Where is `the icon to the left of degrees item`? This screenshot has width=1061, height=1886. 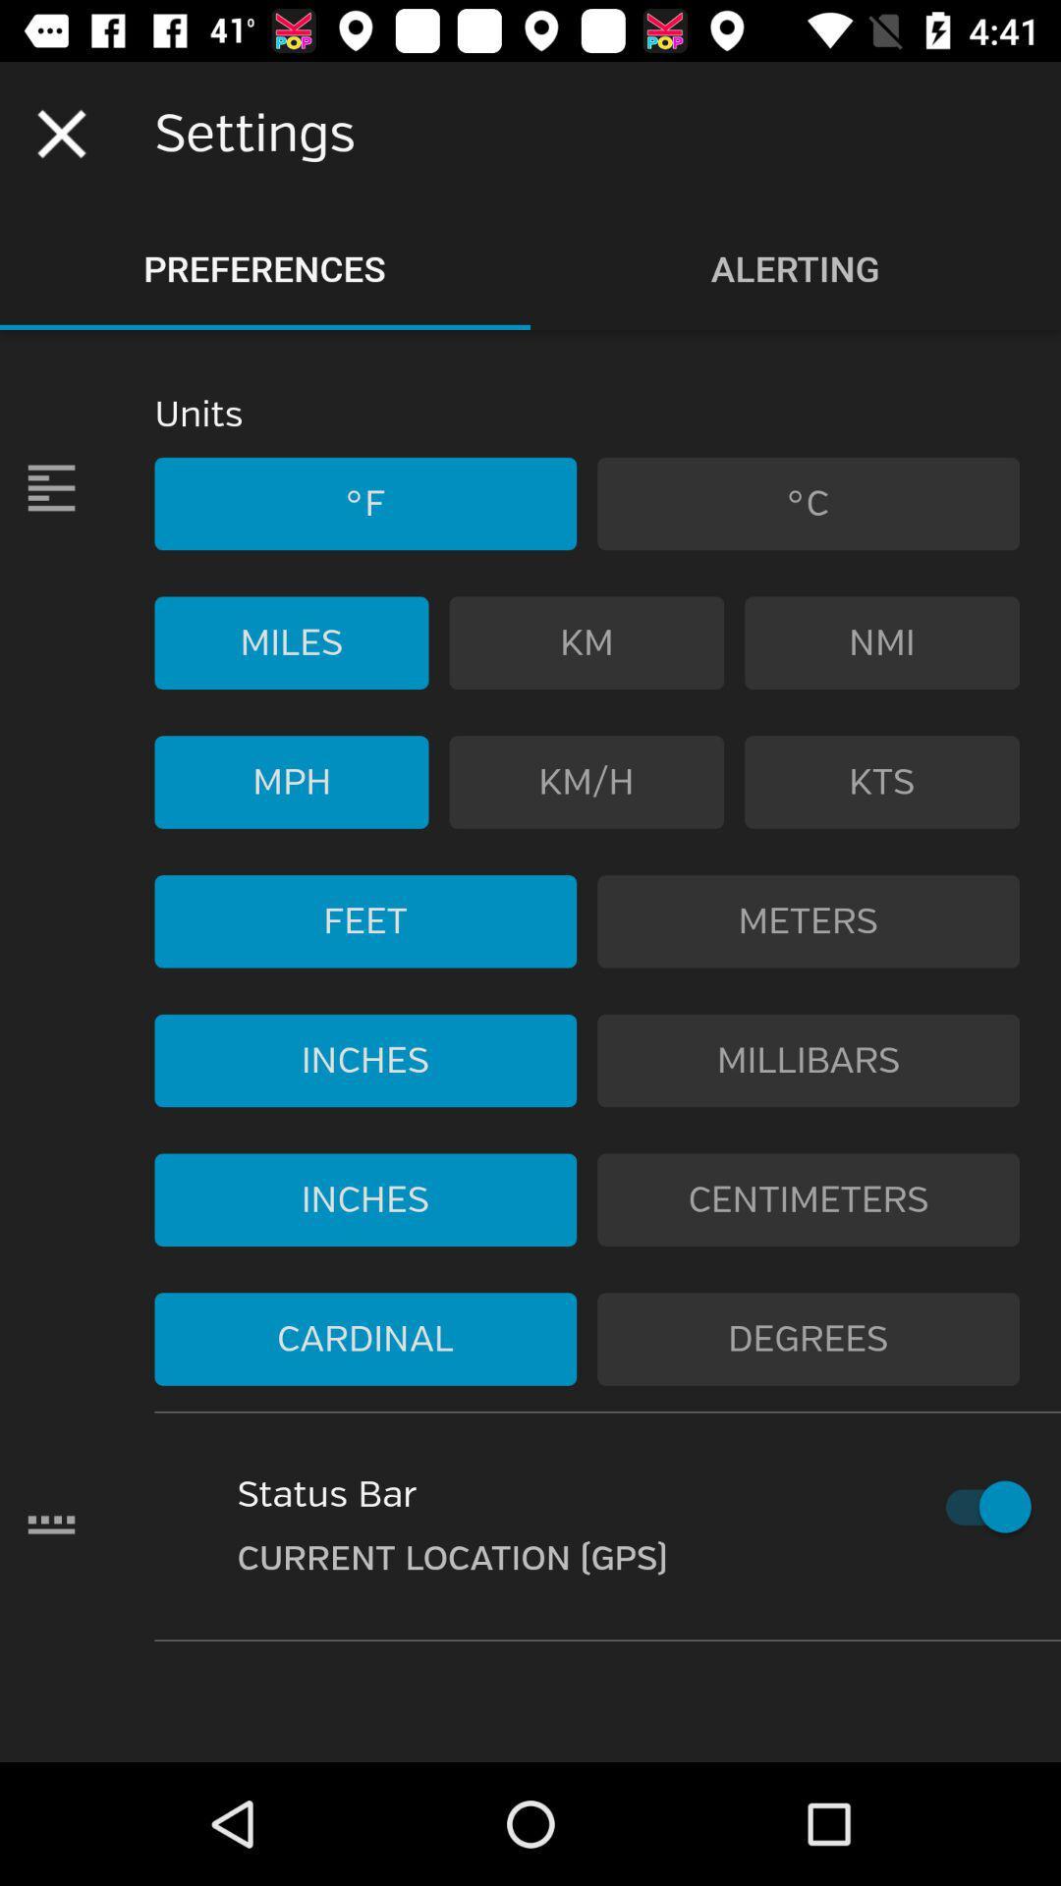
the icon to the left of degrees item is located at coordinates (365, 1338).